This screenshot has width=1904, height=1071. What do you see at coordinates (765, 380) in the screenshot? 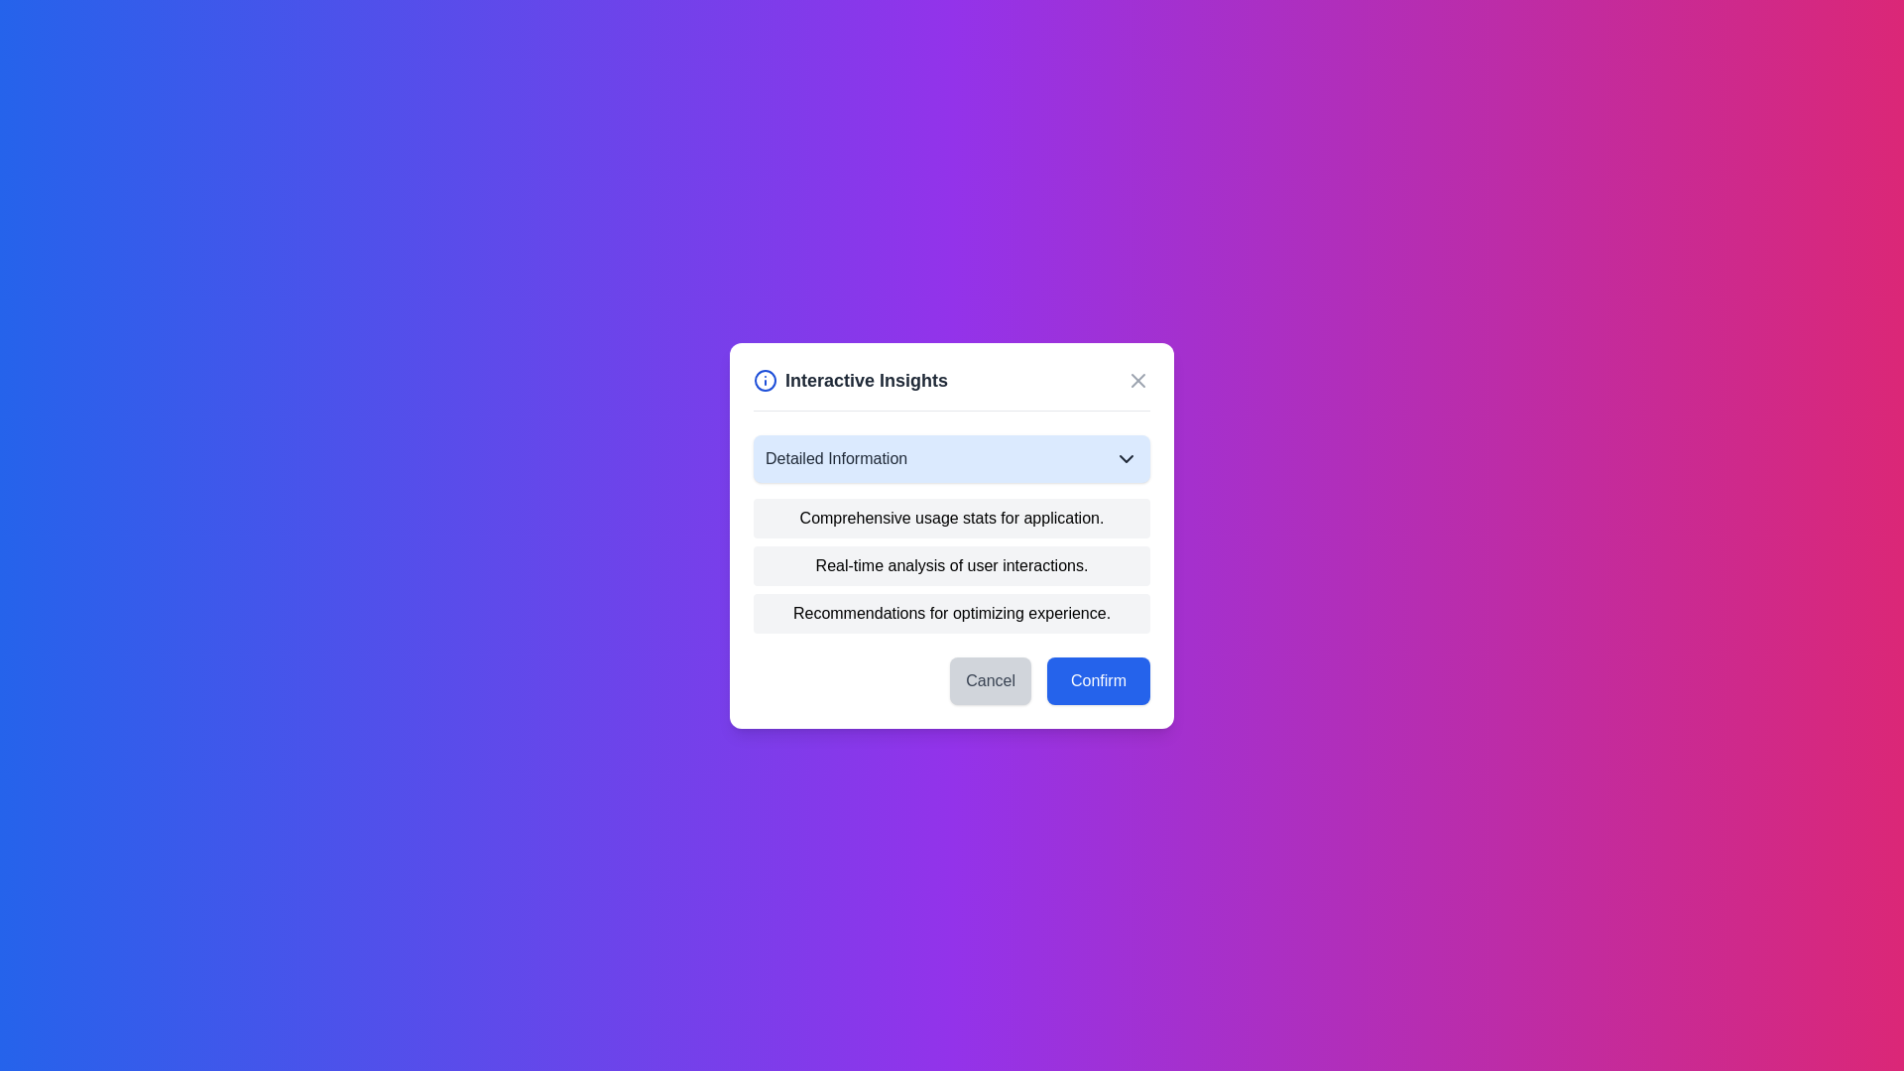
I see `the compact circular icon with a blue-bordered circle and central dot, which features an information symbol design, located to the immediate left of the 'Interactive Insights' header text` at bounding box center [765, 380].